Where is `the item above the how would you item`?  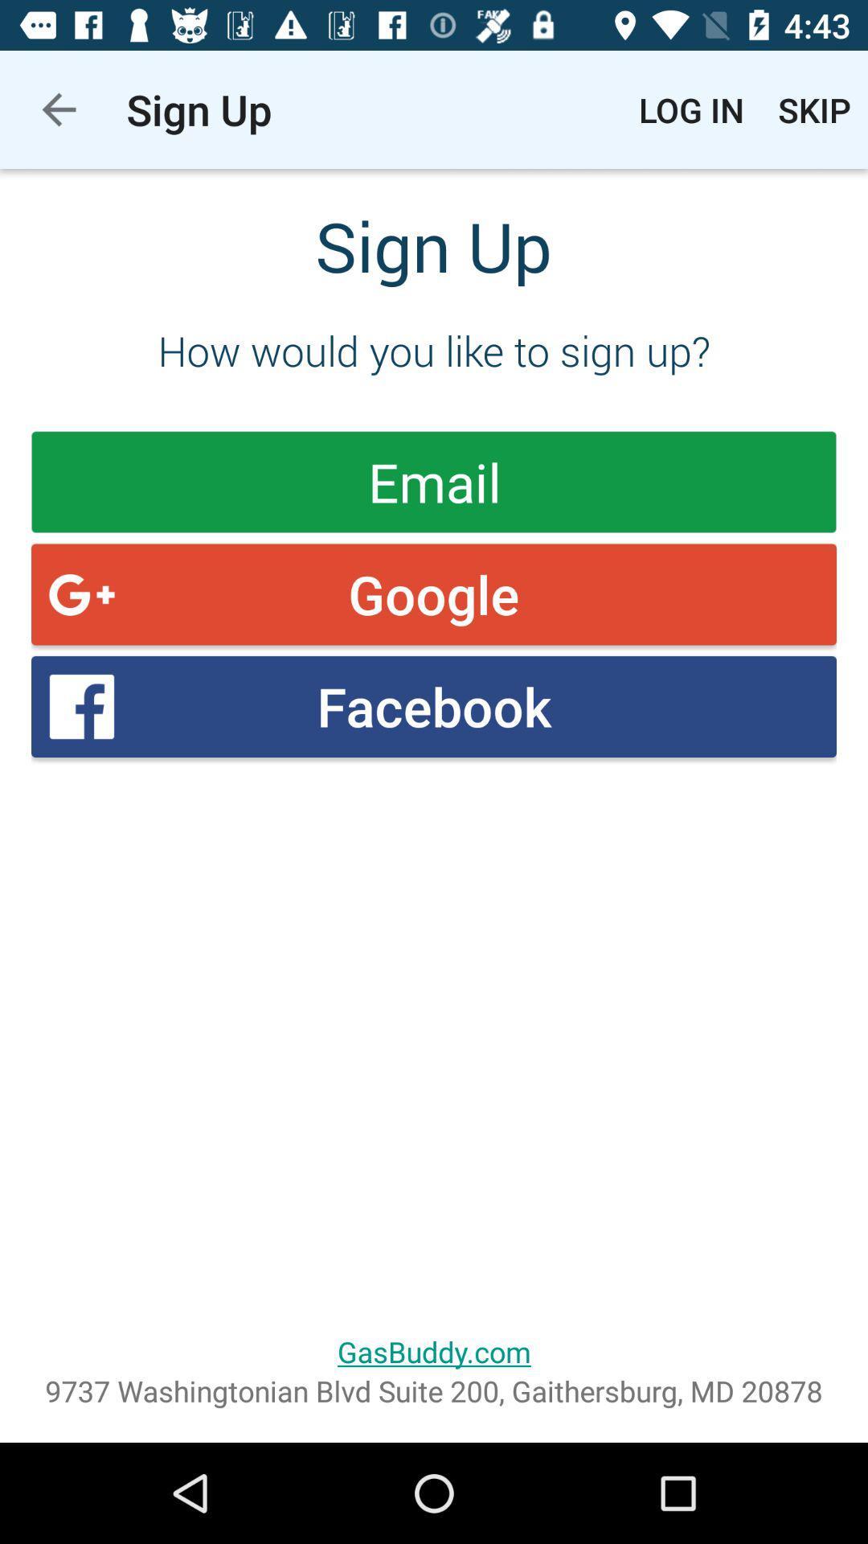
the item above the how would you item is located at coordinates (814, 109).